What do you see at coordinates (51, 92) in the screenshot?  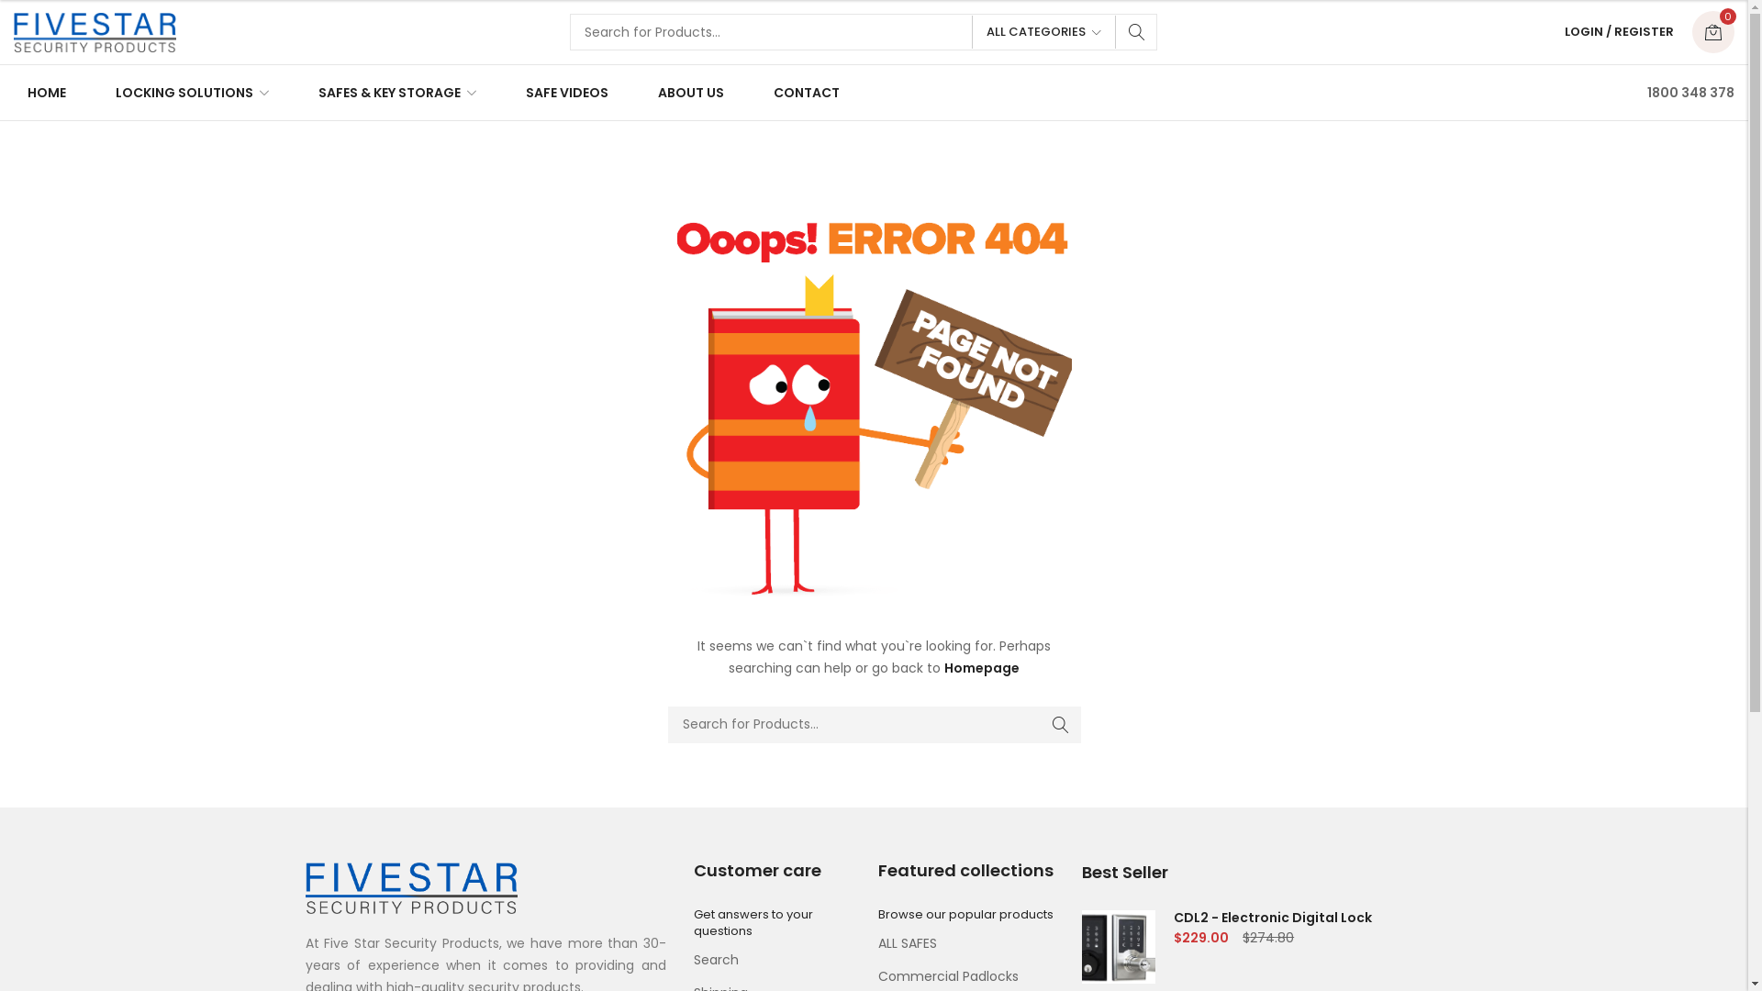 I see `'HOME'` at bounding box center [51, 92].